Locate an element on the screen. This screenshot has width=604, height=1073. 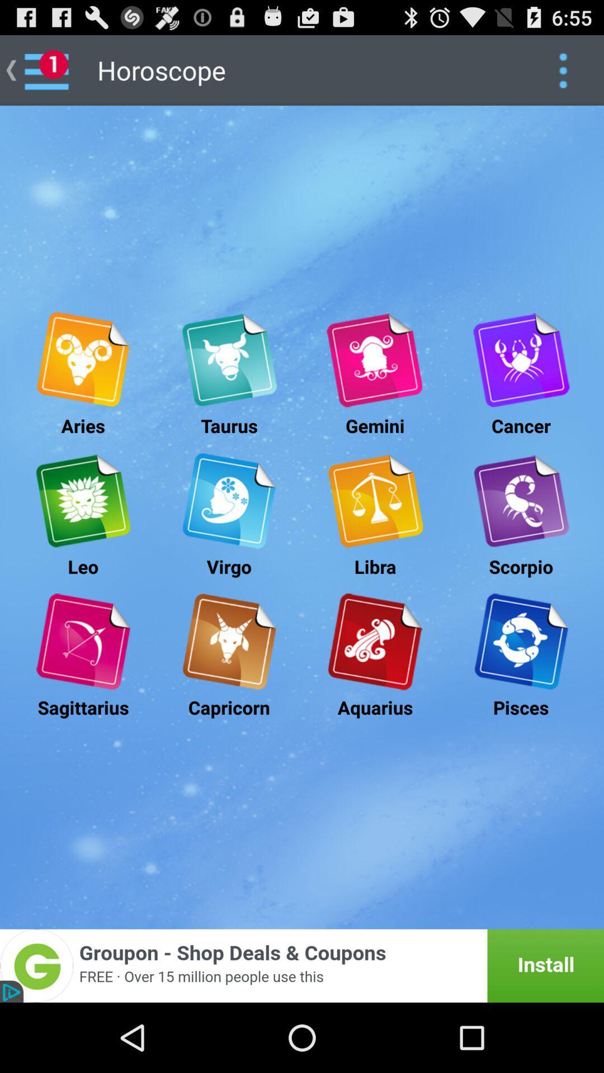
advertisement is located at coordinates (521, 360).